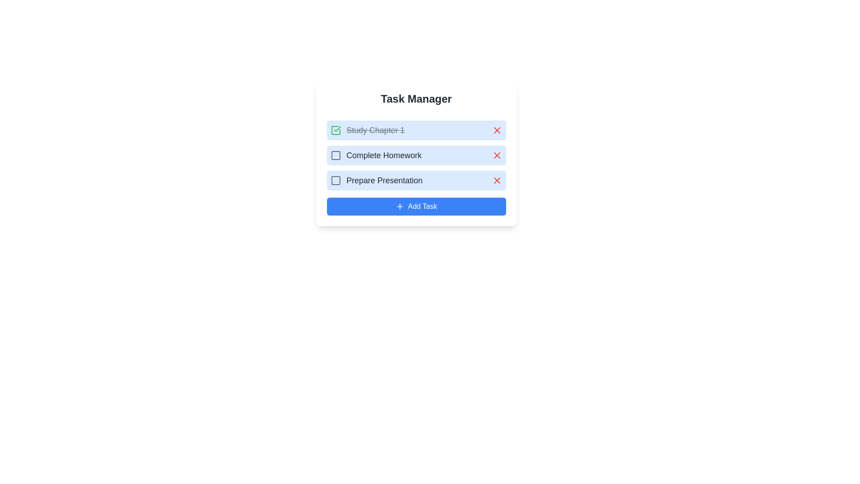 Image resolution: width=860 pixels, height=484 pixels. What do you see at coordinates (376, 155) in the screenshot?
I see `the text label of the checkbox for the task titled 'Complete Homework'` at bounding box center [376, 155].